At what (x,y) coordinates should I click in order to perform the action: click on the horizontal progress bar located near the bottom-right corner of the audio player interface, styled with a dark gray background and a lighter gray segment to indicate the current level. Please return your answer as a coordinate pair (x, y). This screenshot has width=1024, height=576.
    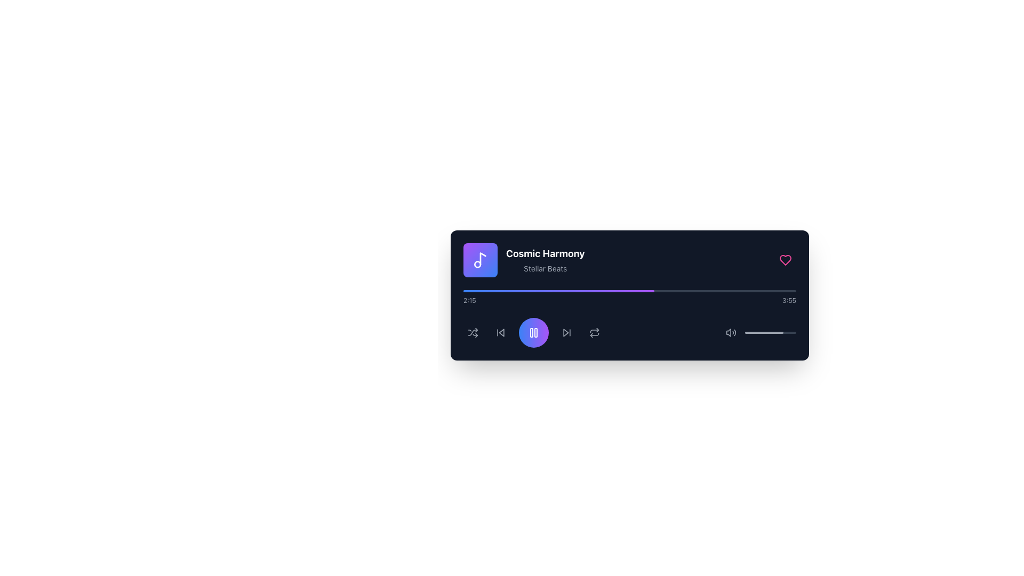
    Looking at the image, I should click on (770, 332).